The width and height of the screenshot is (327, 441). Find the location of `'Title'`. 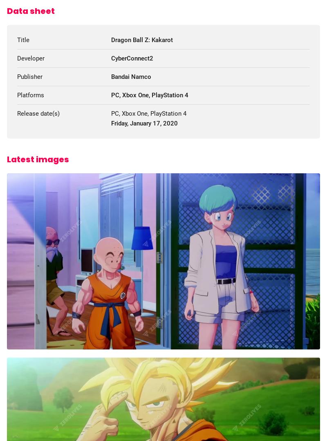

'Title' is located at coordinates (22, 40).